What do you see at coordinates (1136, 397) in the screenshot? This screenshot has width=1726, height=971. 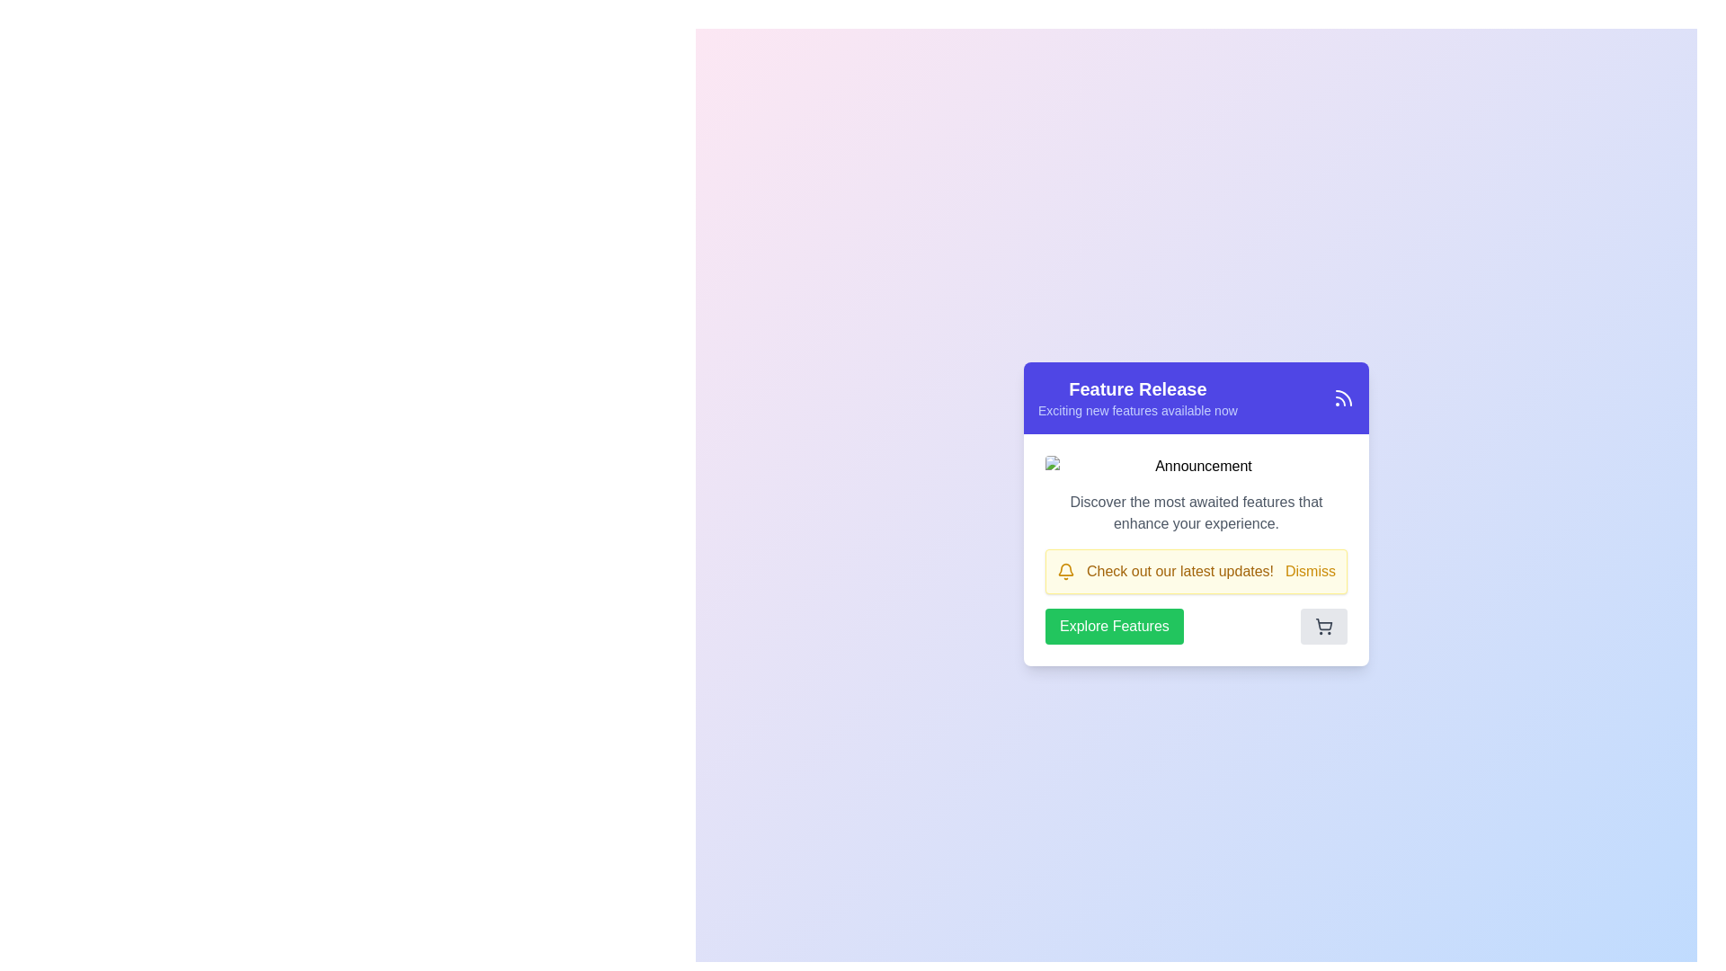 I see `the composite text element that displays 'Feature Release' and 'Exciting new features available now' within a purple background at the top of the card interface` at bounding box center [1136, 397].